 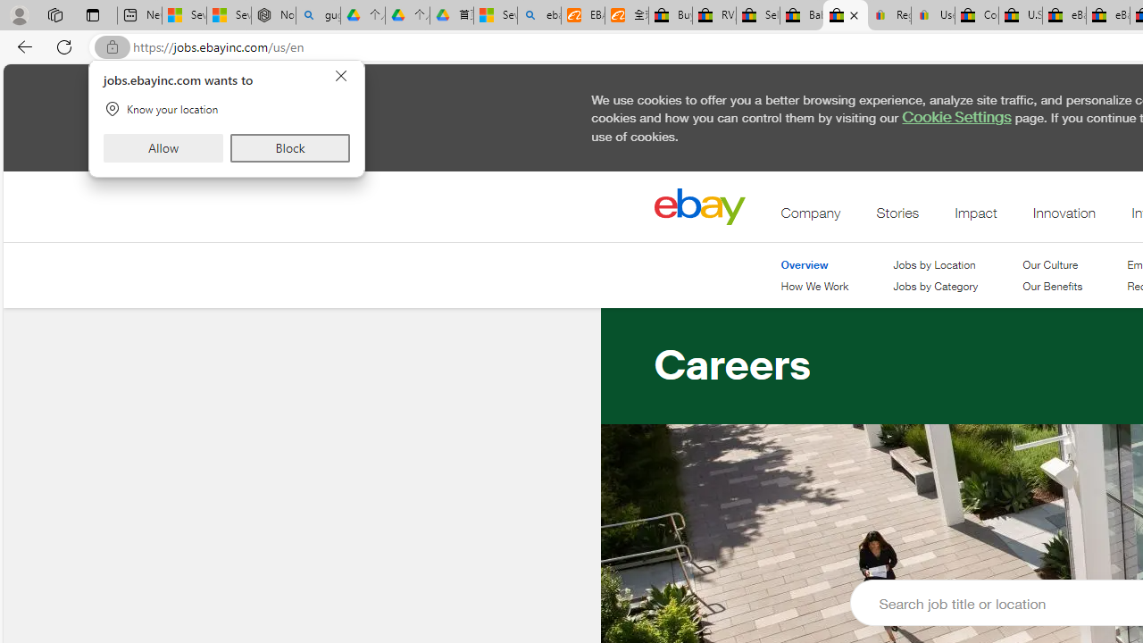 I want to click on 'Impact', so click(x=975, y=216).